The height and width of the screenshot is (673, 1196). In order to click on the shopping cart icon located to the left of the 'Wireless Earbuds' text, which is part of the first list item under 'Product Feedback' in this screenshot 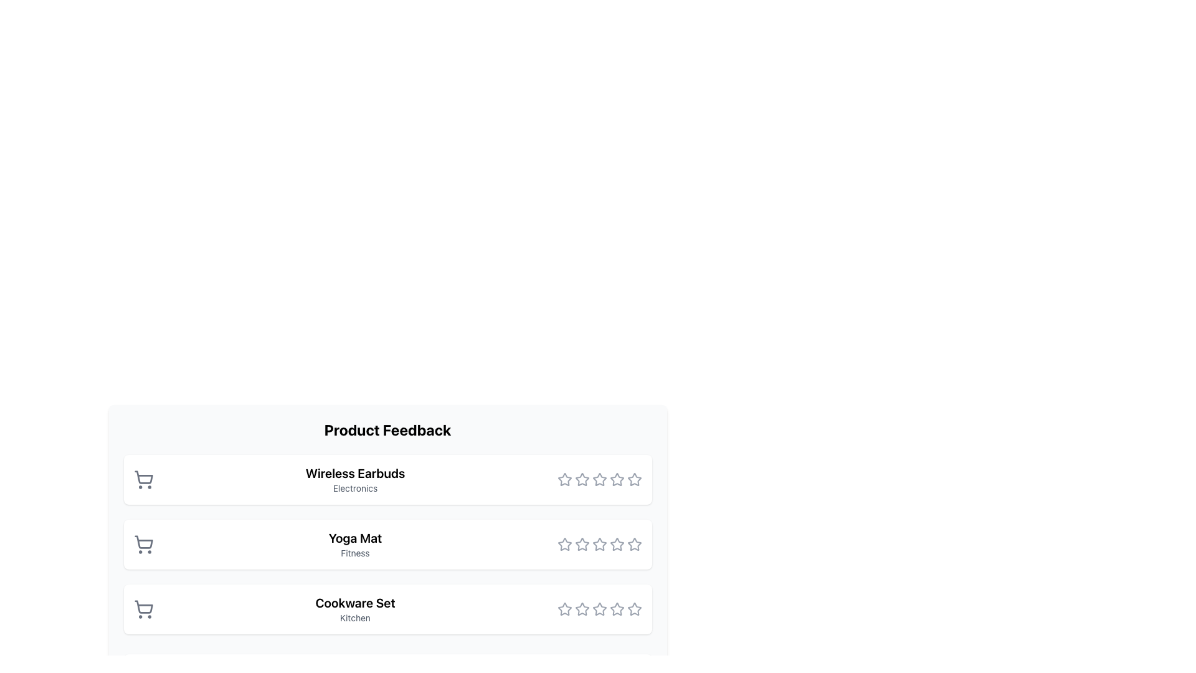, I will do `click(143, 479)`.